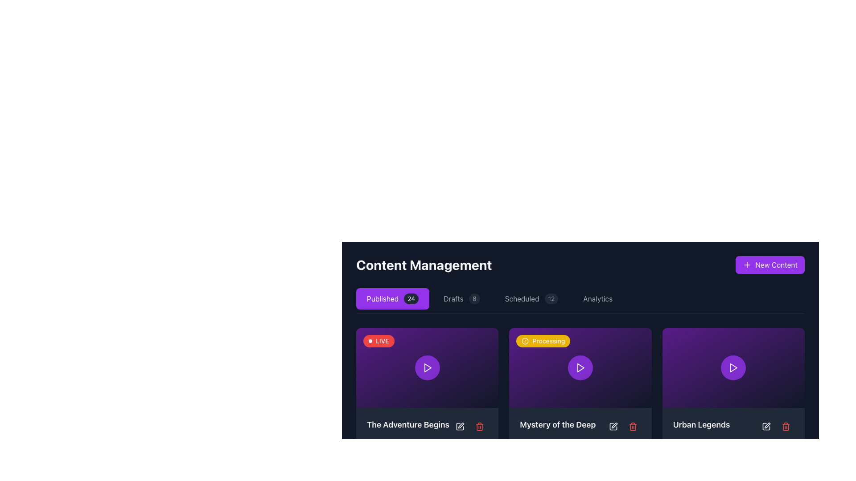 This screenshot has height=481, width=856. What do you see at coordinates (786, 425) in the screenshot?
I see `the trash bin icon button with red outlines located at the bottom-right corner of the 'Urban Legends' card under the 'Published' tab` at bounding box center [786, 425].